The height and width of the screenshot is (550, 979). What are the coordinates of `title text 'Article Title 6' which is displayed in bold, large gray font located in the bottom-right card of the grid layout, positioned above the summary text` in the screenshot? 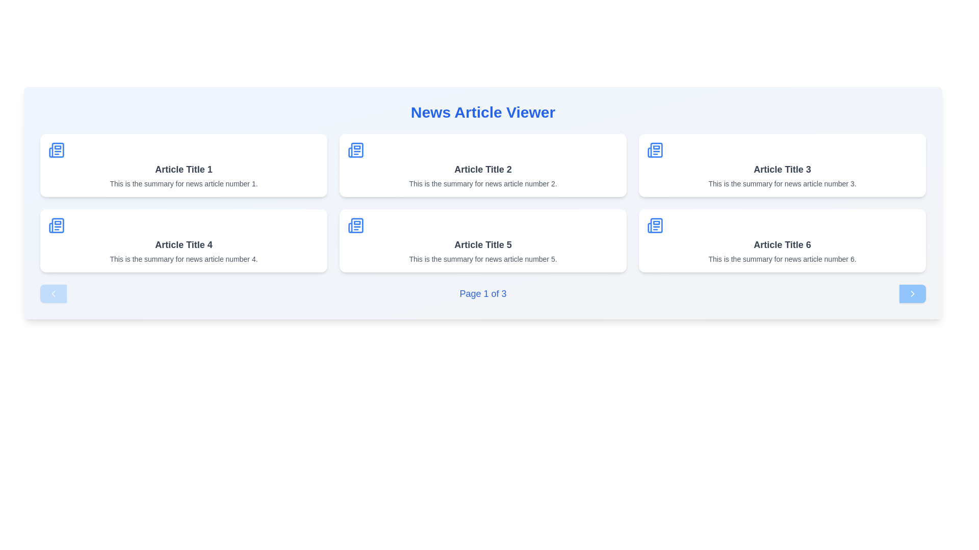 It's located at (782, 245).